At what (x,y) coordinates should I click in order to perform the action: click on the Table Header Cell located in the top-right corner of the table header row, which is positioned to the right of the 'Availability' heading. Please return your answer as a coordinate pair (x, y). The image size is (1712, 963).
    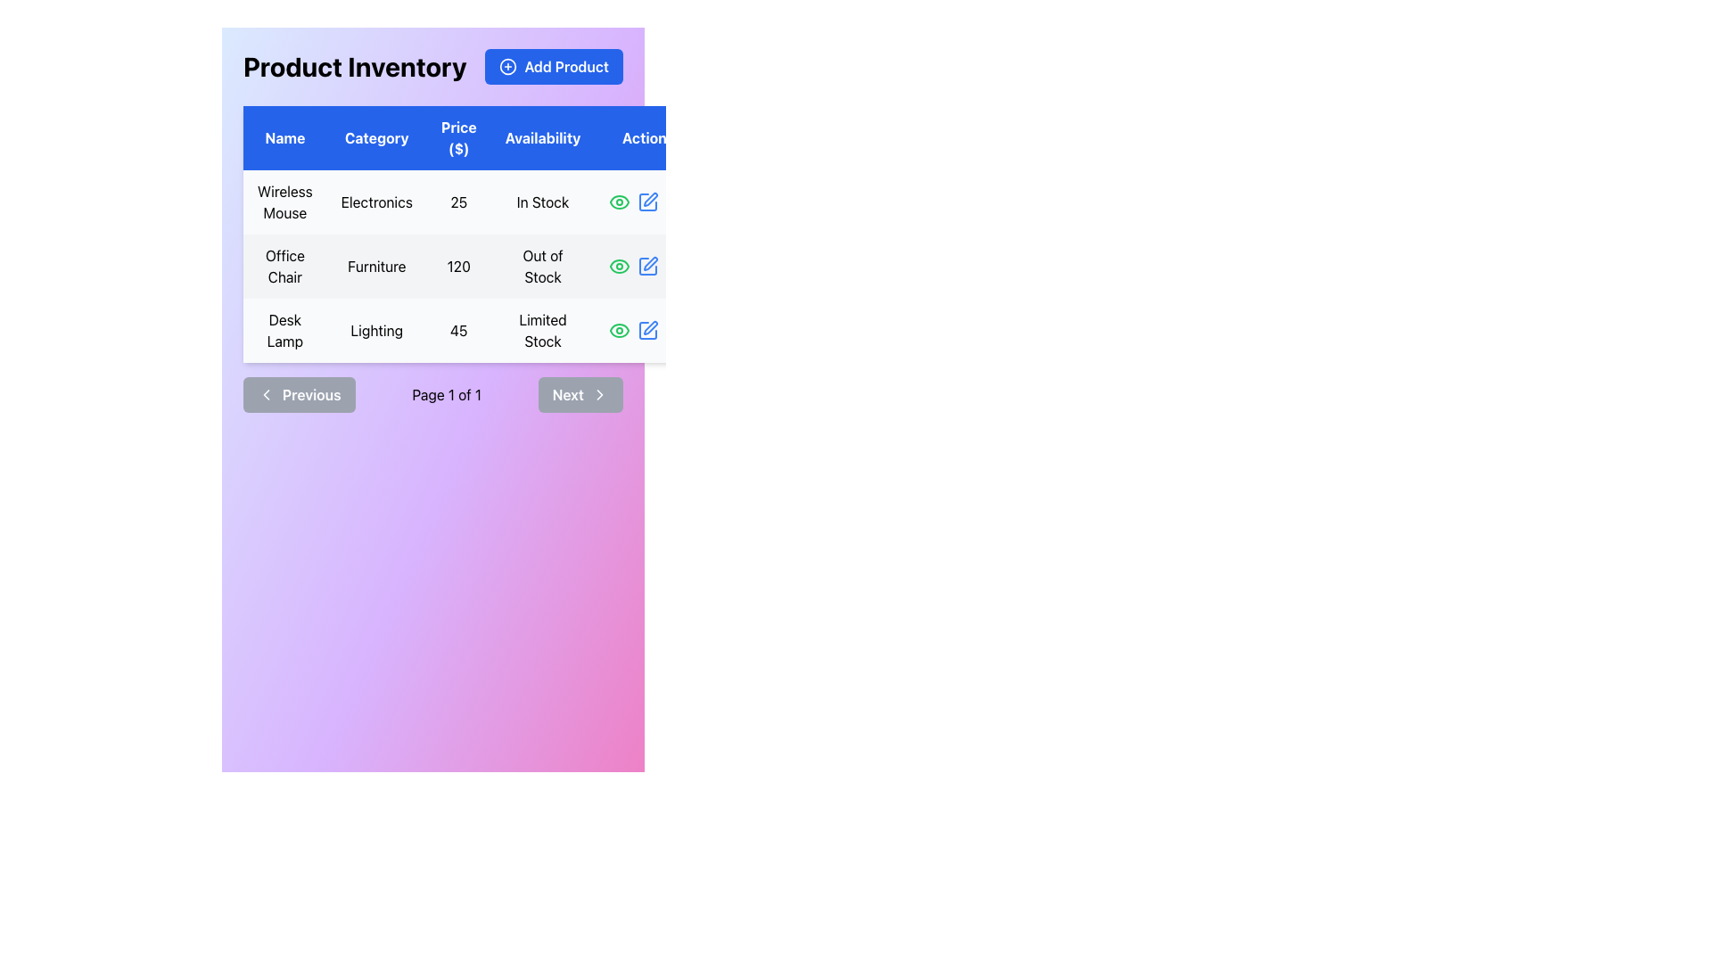
    Looking at the image, I should click on (646, 136).